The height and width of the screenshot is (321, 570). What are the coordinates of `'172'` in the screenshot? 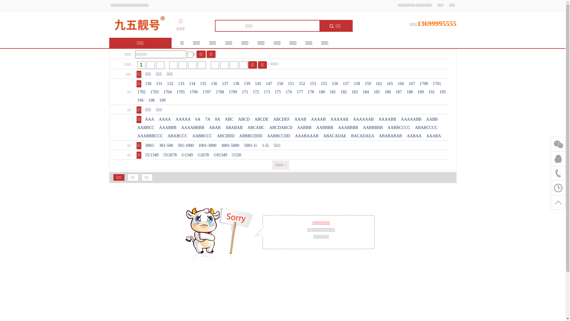 It's located at (252, 92).